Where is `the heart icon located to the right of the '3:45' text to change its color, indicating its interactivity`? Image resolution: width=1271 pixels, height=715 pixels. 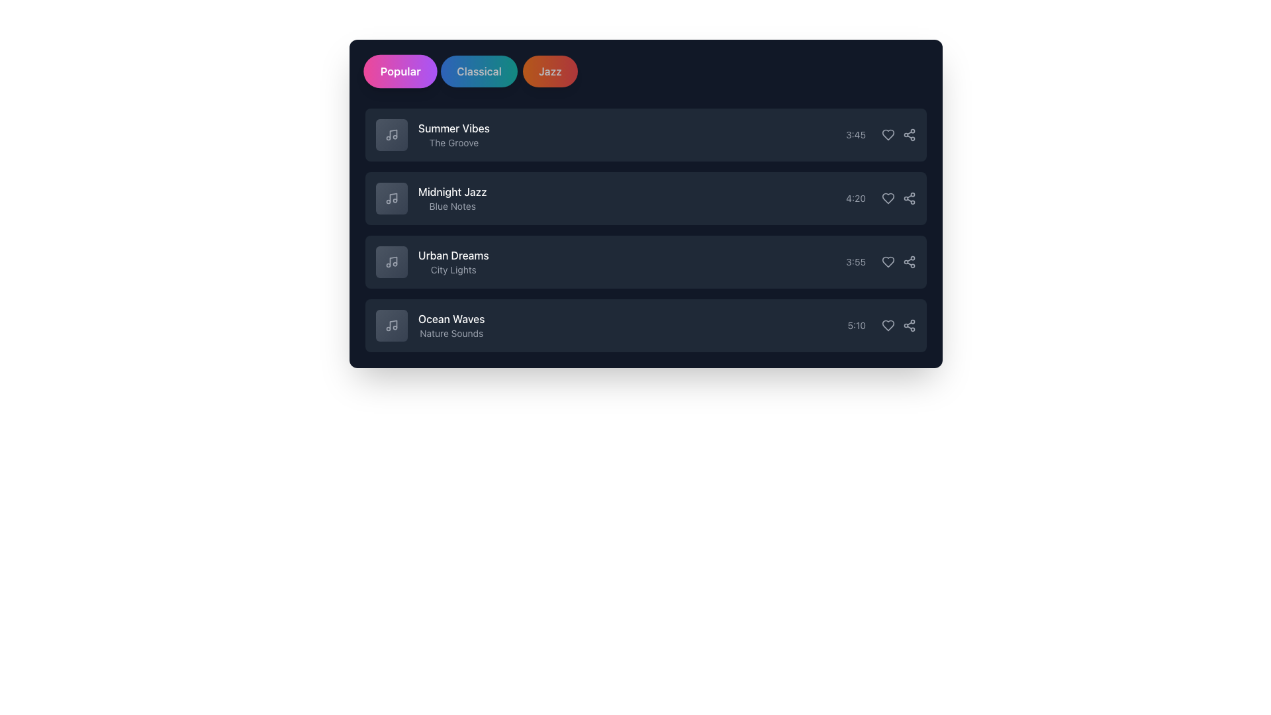
the heart icon located to the right of the '3:45' text to change its color, indicating its interactivity is located at coordinates (888, 135).